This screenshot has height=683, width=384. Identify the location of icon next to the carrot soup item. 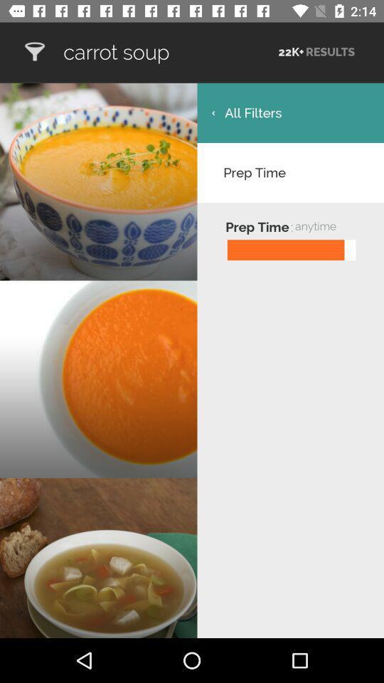
(34, 52).